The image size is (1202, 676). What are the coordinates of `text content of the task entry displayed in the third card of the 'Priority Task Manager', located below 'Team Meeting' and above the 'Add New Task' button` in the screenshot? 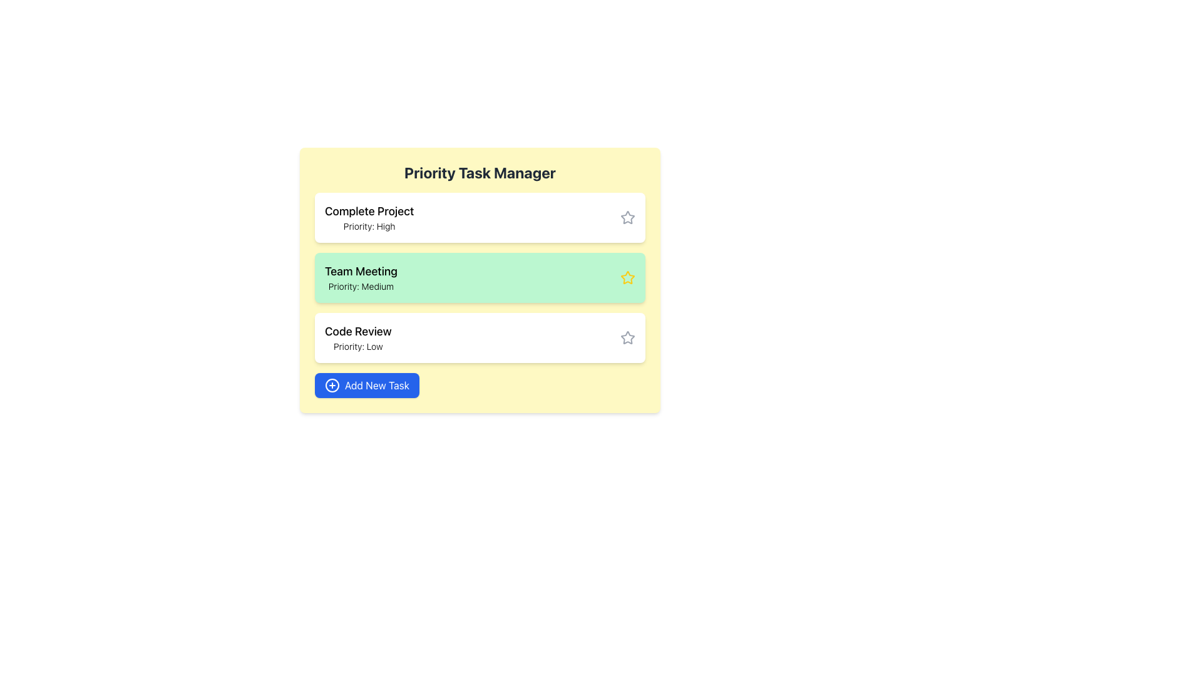 It's located at (357, 338).